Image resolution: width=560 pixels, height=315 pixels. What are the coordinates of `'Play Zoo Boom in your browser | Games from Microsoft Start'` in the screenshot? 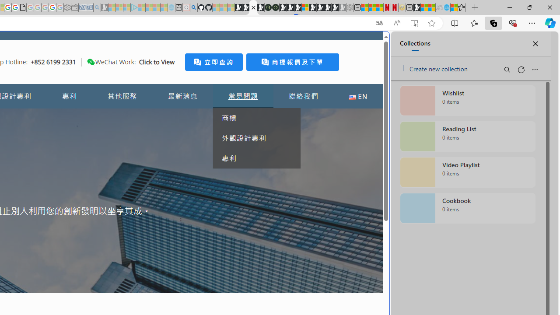 It's located at (245, 7).